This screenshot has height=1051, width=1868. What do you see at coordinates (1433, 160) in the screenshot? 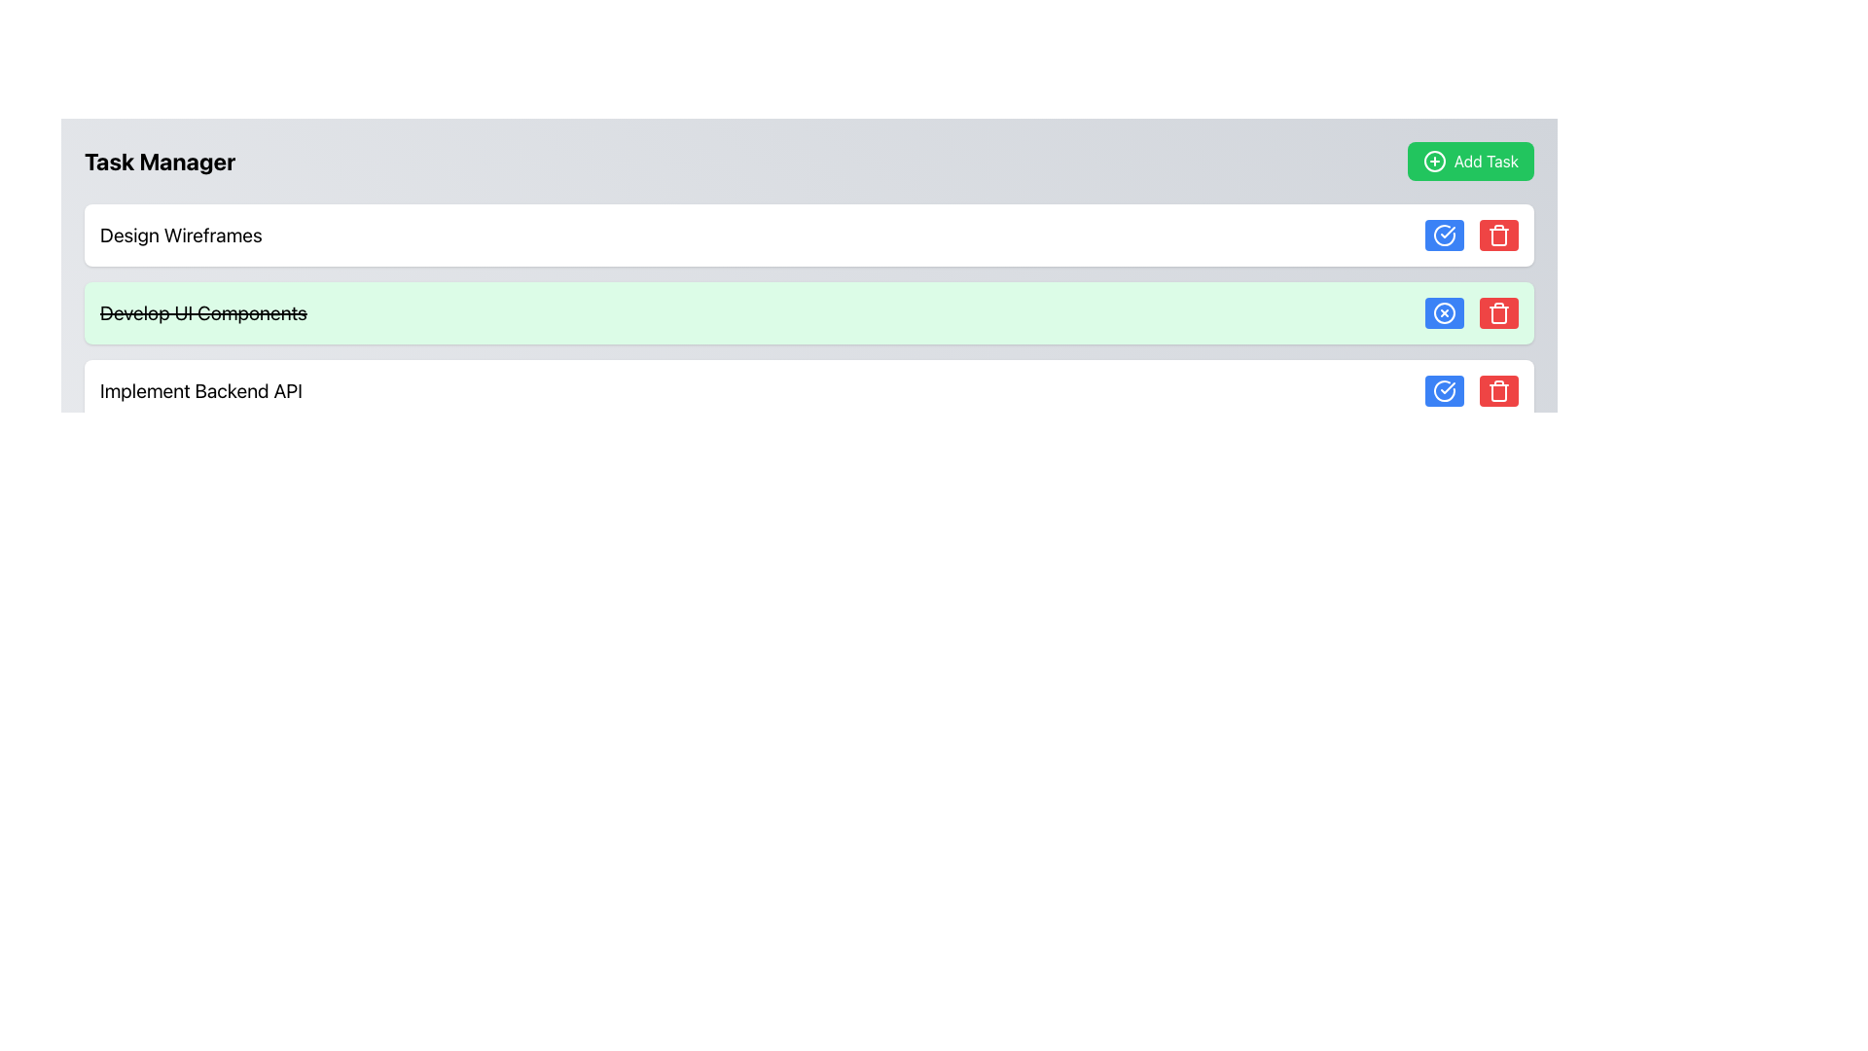
I see `the circular green icon with a plus sign inside, located to the left of the 'Add Task' label, to initiate the addition of a new task` at bounding box center [1433, 160].